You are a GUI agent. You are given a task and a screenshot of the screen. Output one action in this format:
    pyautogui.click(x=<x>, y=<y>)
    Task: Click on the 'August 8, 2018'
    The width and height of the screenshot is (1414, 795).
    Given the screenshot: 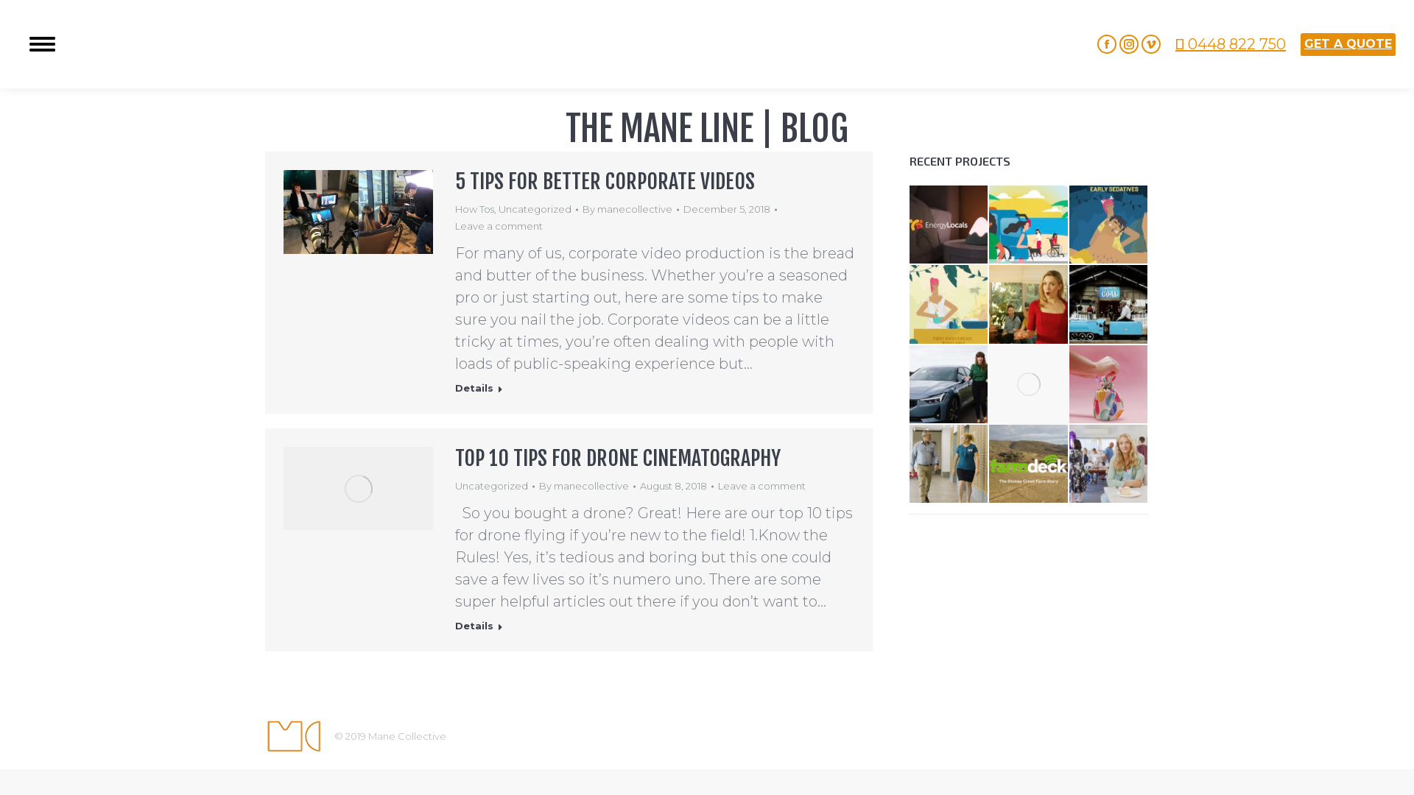 What is the action you would take?
    pyautogui.click(x=675, y=486)
    